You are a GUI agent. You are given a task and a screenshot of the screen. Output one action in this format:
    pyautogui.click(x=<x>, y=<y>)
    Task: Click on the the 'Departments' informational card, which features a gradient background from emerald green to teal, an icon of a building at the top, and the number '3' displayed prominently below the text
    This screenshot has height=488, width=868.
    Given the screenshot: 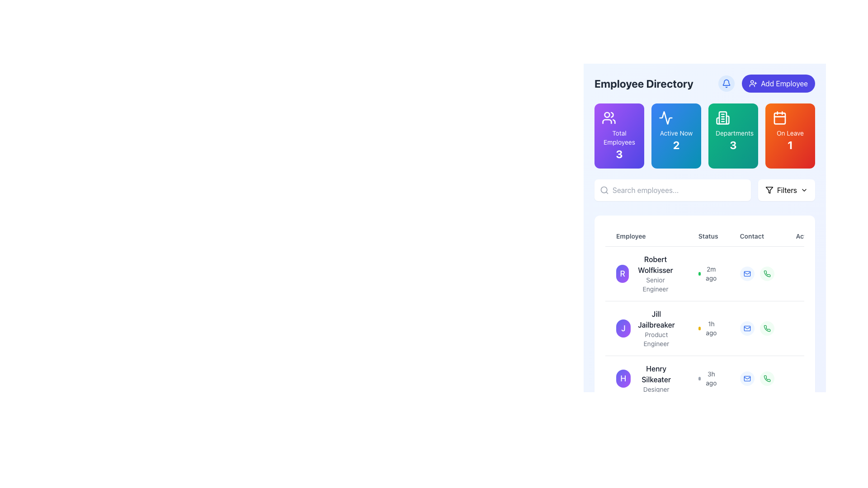 What is the action you would take?
    pyautogui.click(x=733, y=136)
    